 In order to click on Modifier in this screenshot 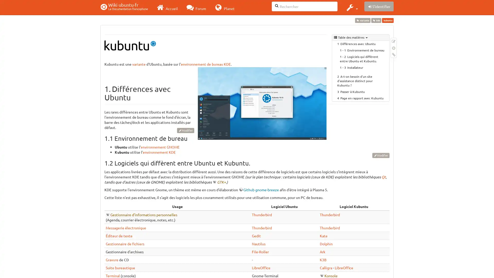, I will do `click(185, 130)`.